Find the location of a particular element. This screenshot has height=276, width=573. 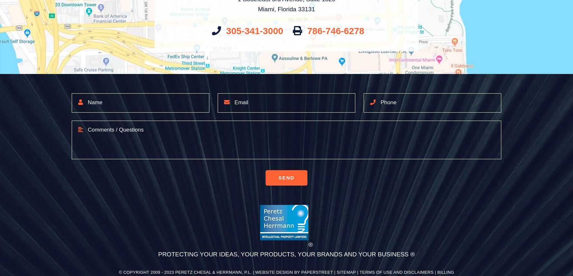

'Email' is located at coordinates (241, 102).